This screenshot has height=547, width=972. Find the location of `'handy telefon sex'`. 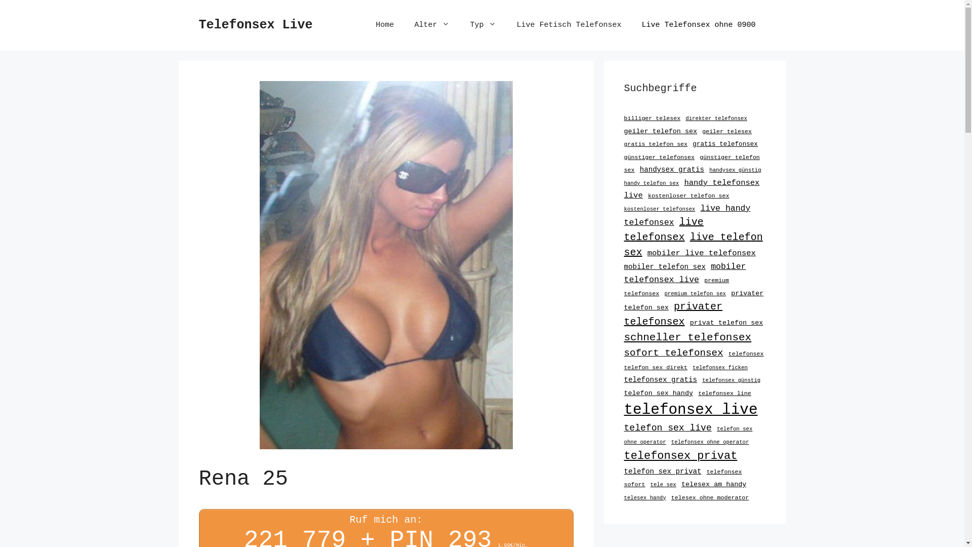

'handy telefon sex' is located at coordinates (651, 183).